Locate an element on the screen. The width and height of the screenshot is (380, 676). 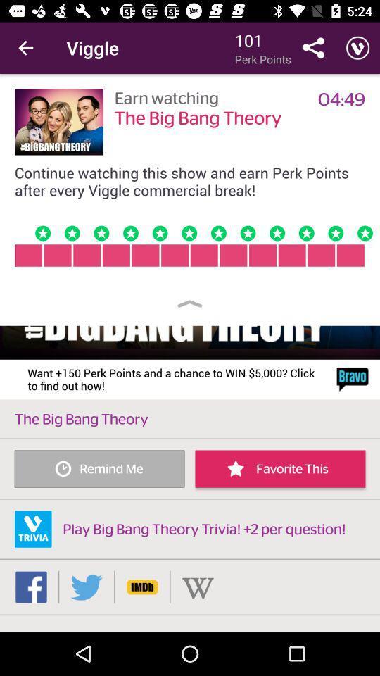
the arrow_downward icon is located at coordinates (197, 587).